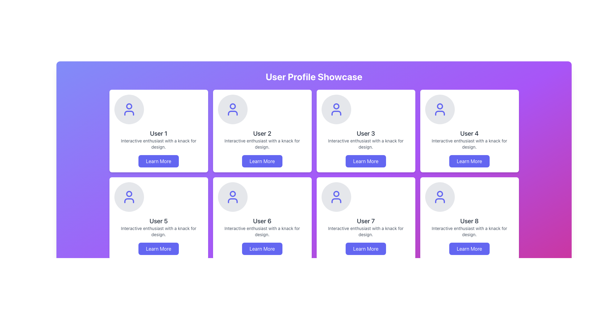 The height and width of the screenshot is (333, 592). I want to click on the user profile icon representing 'User 5', located in the third row and first column of the grid layout, so click(129, 197).